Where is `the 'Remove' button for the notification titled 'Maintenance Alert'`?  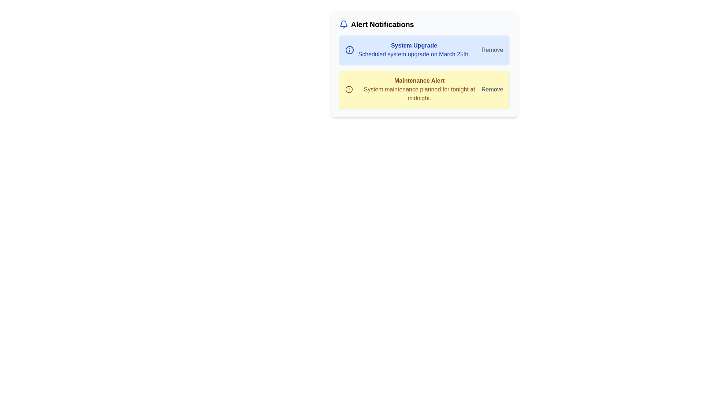 the 'Remove' button for the notification titled 'Maintenance Alert' is located at coordinates (492, 89).